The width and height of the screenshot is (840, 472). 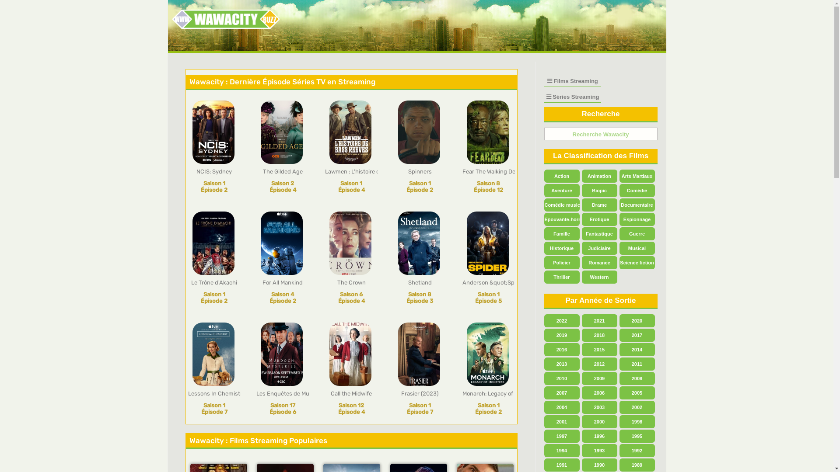 I want to click on '2014', so click(x=637, y=349).